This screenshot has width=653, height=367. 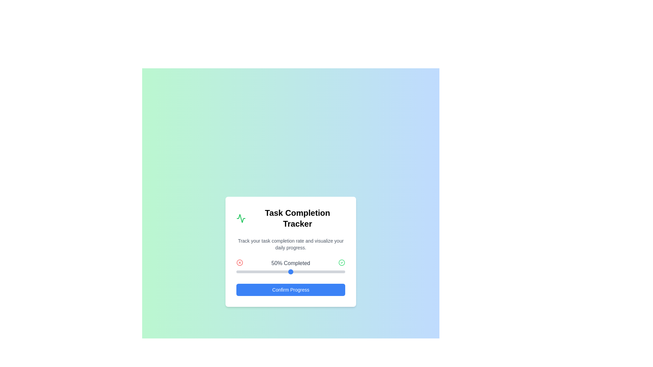 I want to click on the slider to set the progress to 16%, so click(x=253, y=271).